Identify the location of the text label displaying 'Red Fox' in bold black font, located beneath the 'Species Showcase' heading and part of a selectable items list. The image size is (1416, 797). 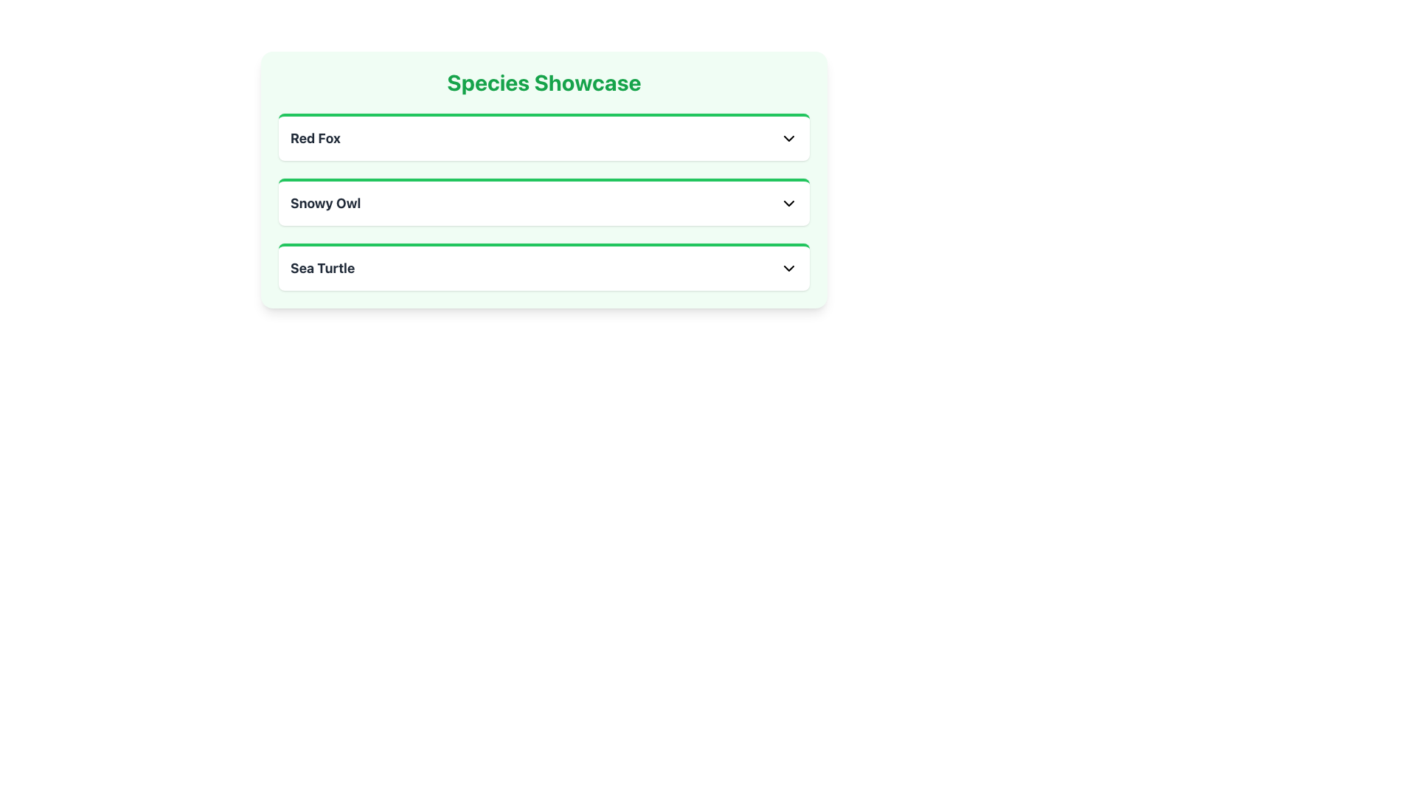
(314, 139).